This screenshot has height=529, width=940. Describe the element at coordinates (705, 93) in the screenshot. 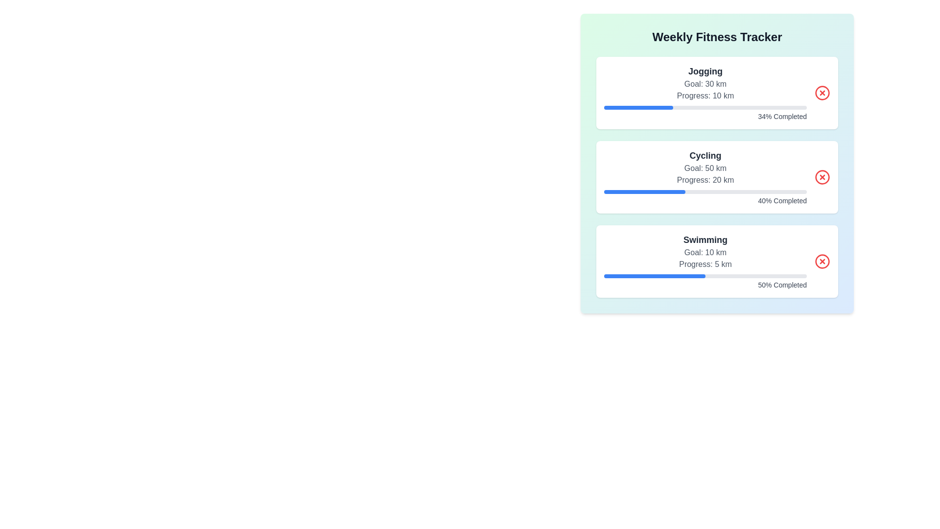

I see `the Activity progress summary block displaying the jogging activity, which includes the title 'Jogging', goal 'Goal: 30 km', current progress 'Progress: 10 km', and a visual progress bar indicating 34% completion` at that location.